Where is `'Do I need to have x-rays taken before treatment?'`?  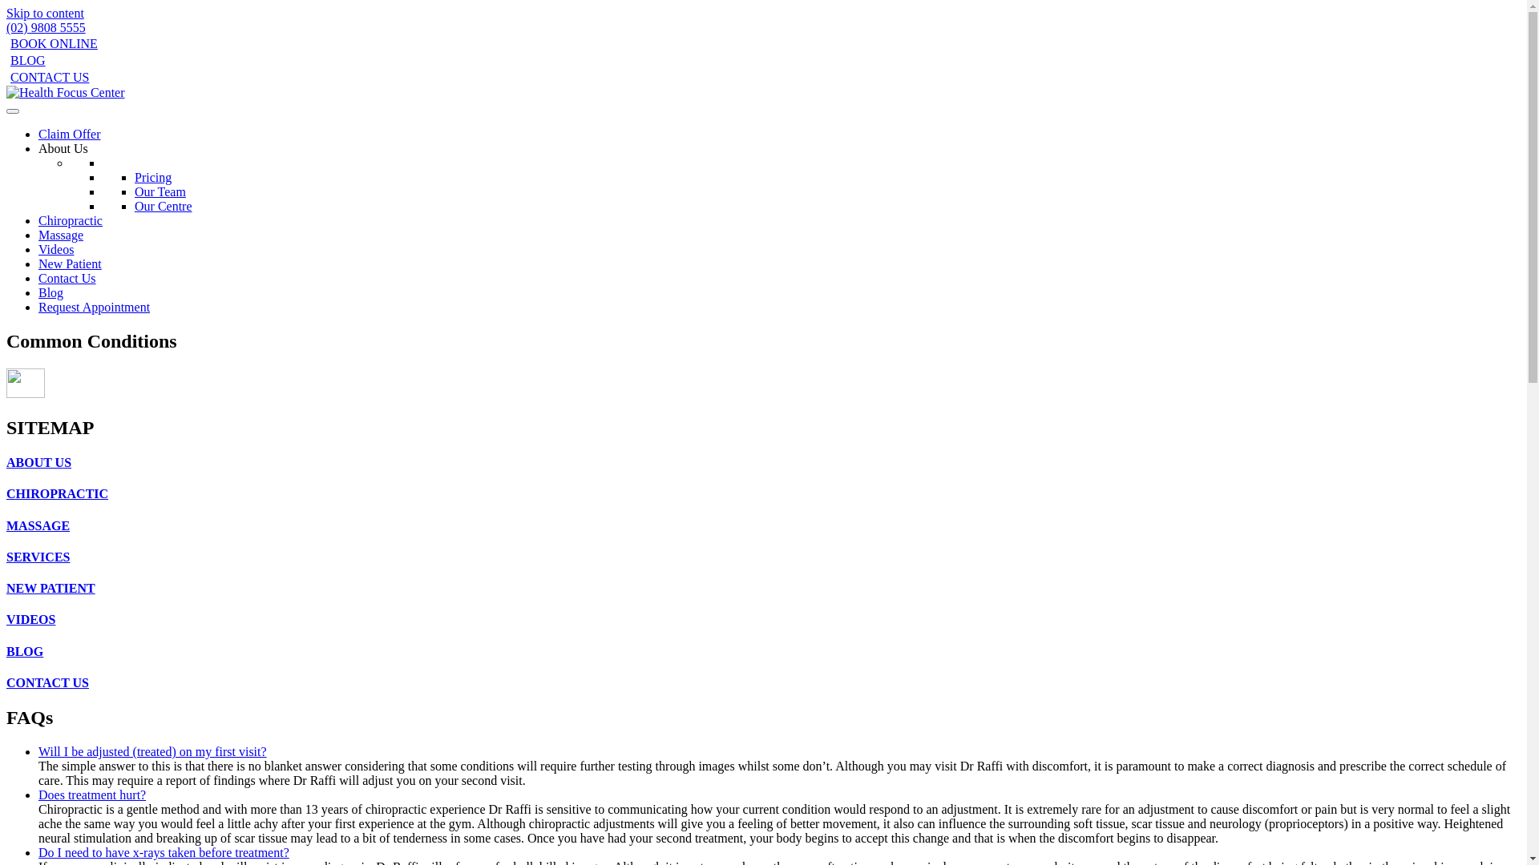
'Do I need to have x-rays taken before treatment?' is located at coordinates (164, 851).